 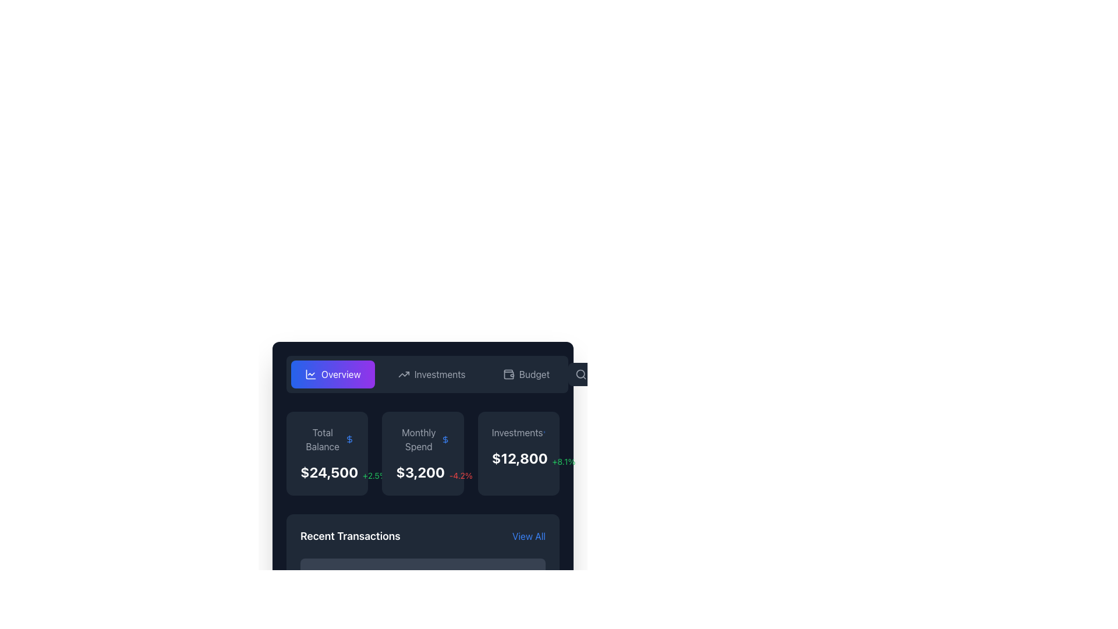 I want to click on the circular gray magnifying glass icon located near the top of the search input field, positioned to the left of the placeholder text, so click(x=581, y=374).